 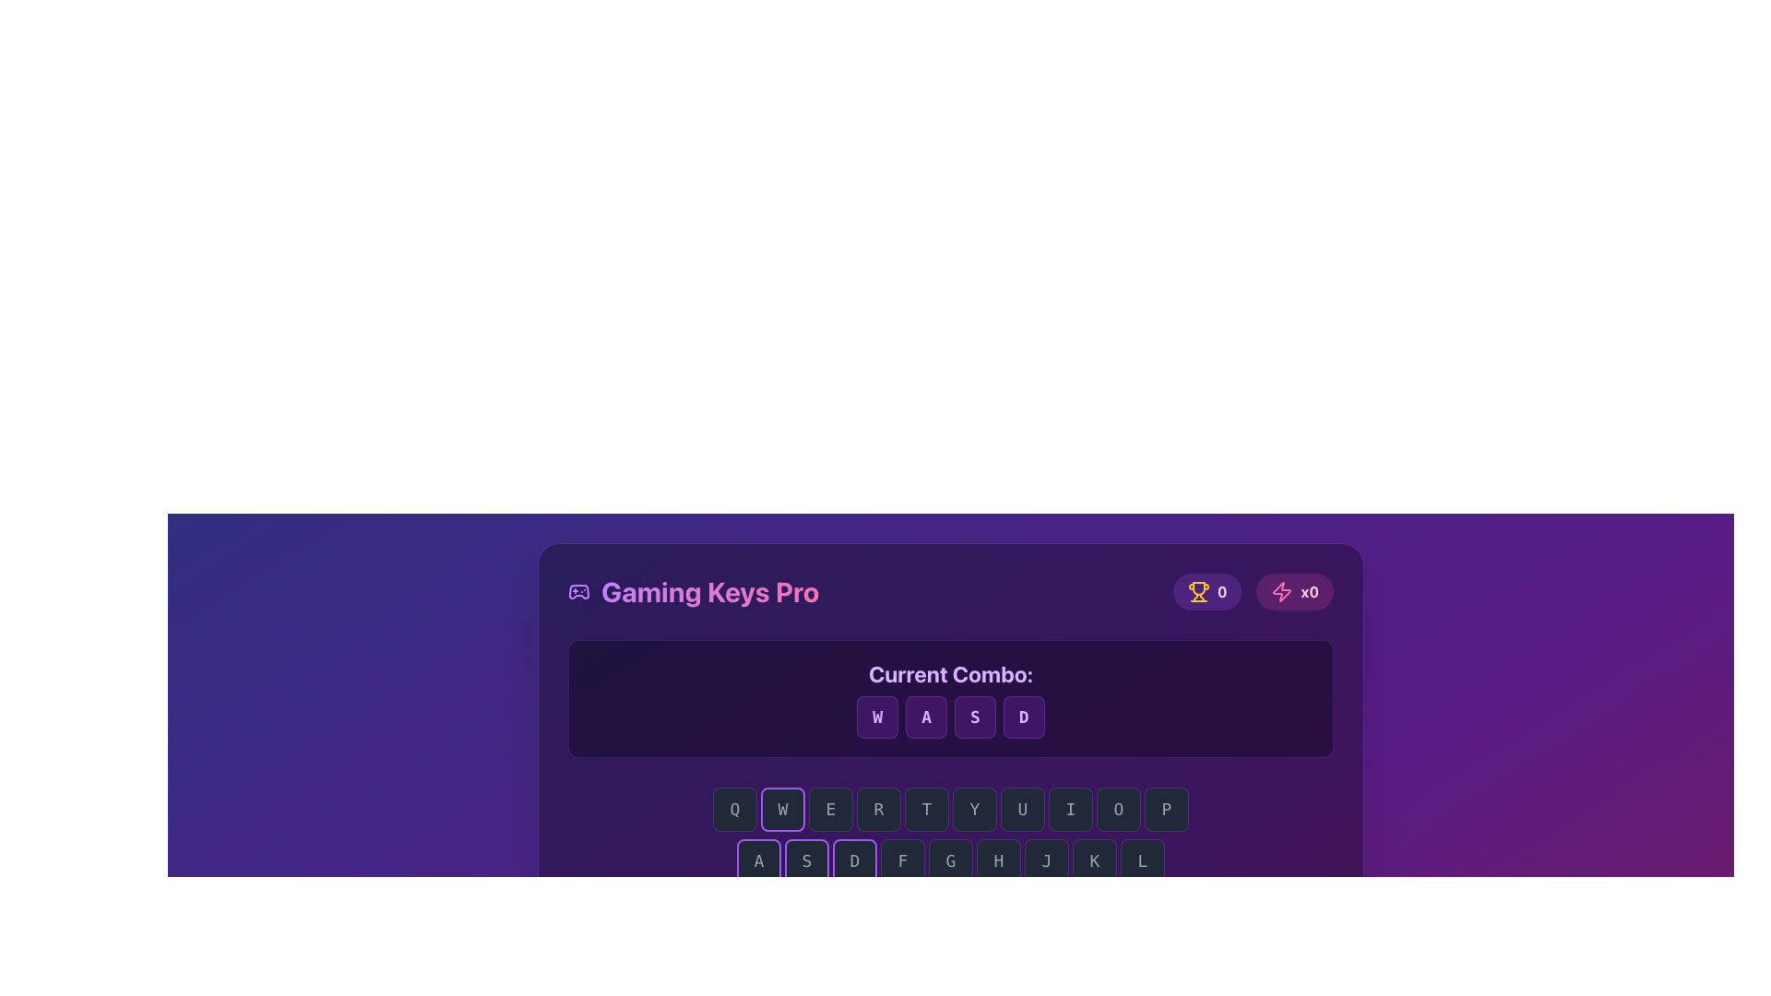 I want to click on the button that visually represents the 'D' key, which is the fourth button in a row of four buttons for 'W', 'A', 'S', and 'D', located at the bottom-right of the row, so click(x=1023, y=717).